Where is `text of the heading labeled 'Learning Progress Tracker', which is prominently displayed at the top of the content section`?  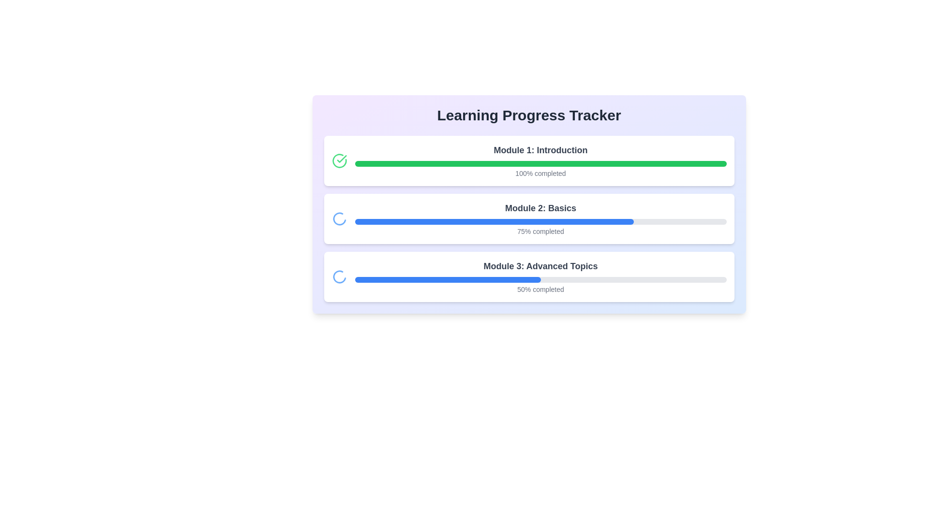
text of the heading labeled 'Learning Progress Tracker', which is prominently displayed at the top of the content section is located at coordinates (528, 115).